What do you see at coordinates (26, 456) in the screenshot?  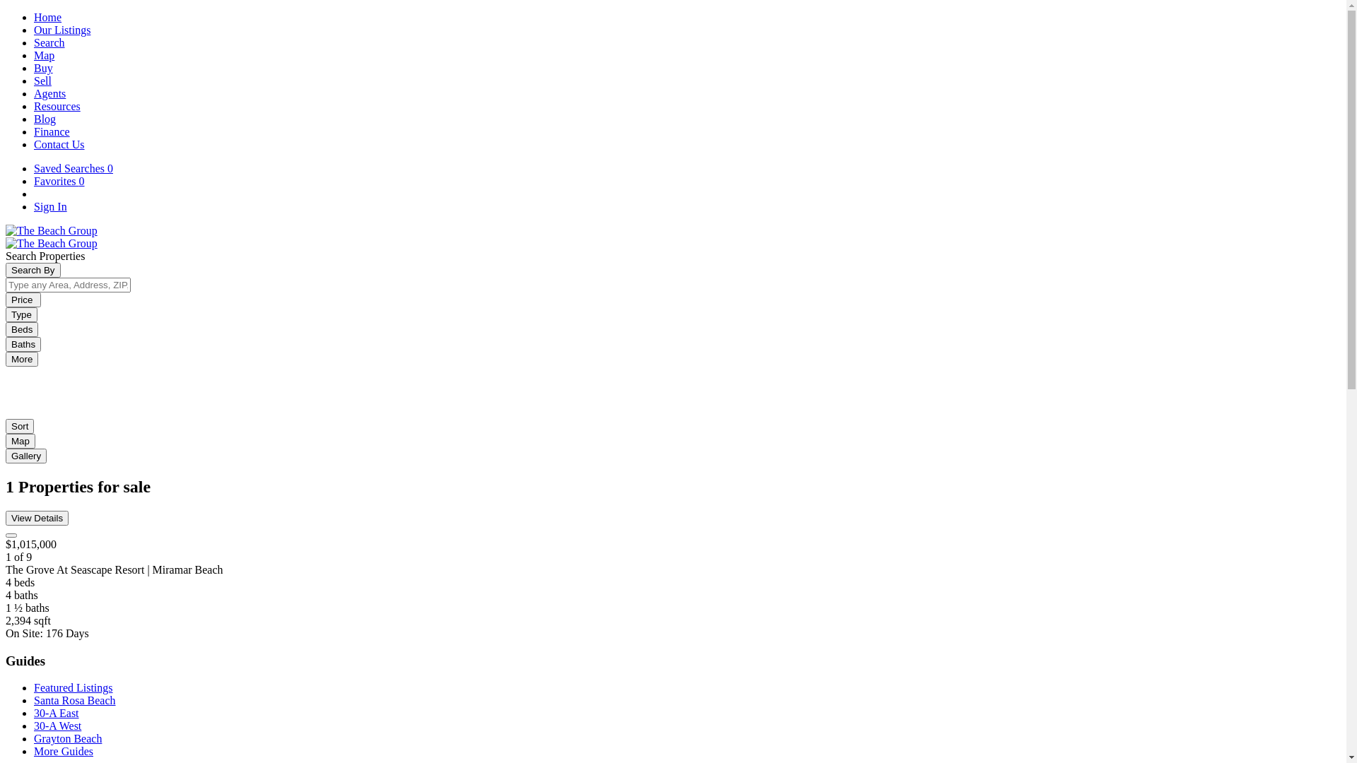 I see `'Gallery'` at bounding box center [26, 456].